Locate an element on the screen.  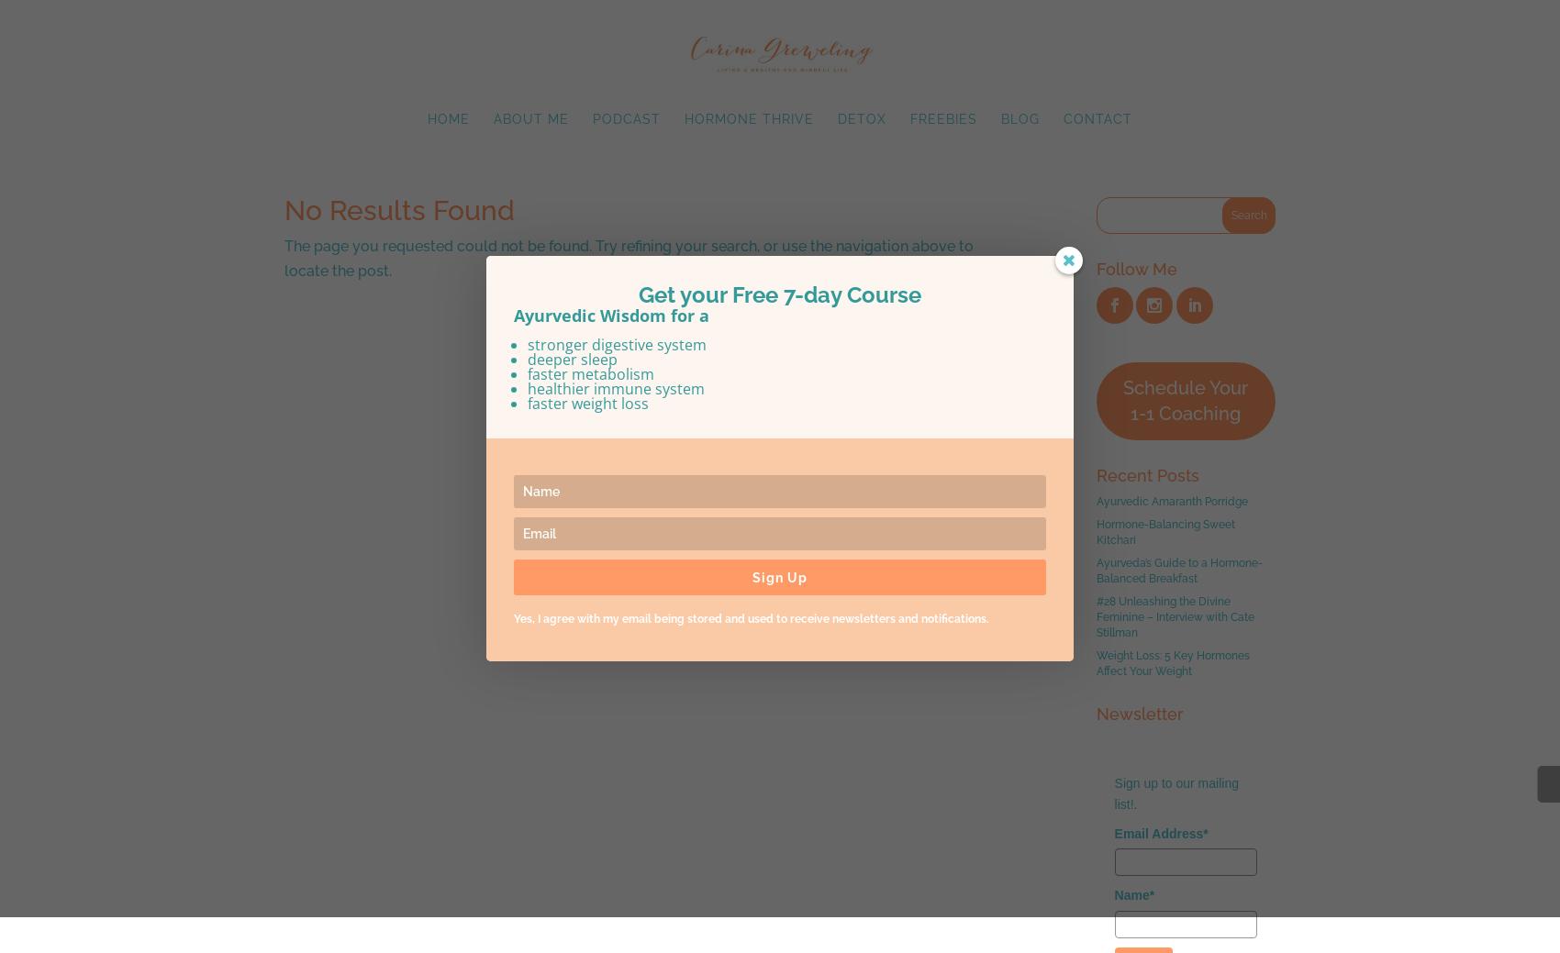
'No Results Found' is located at coordinates (399, 210).